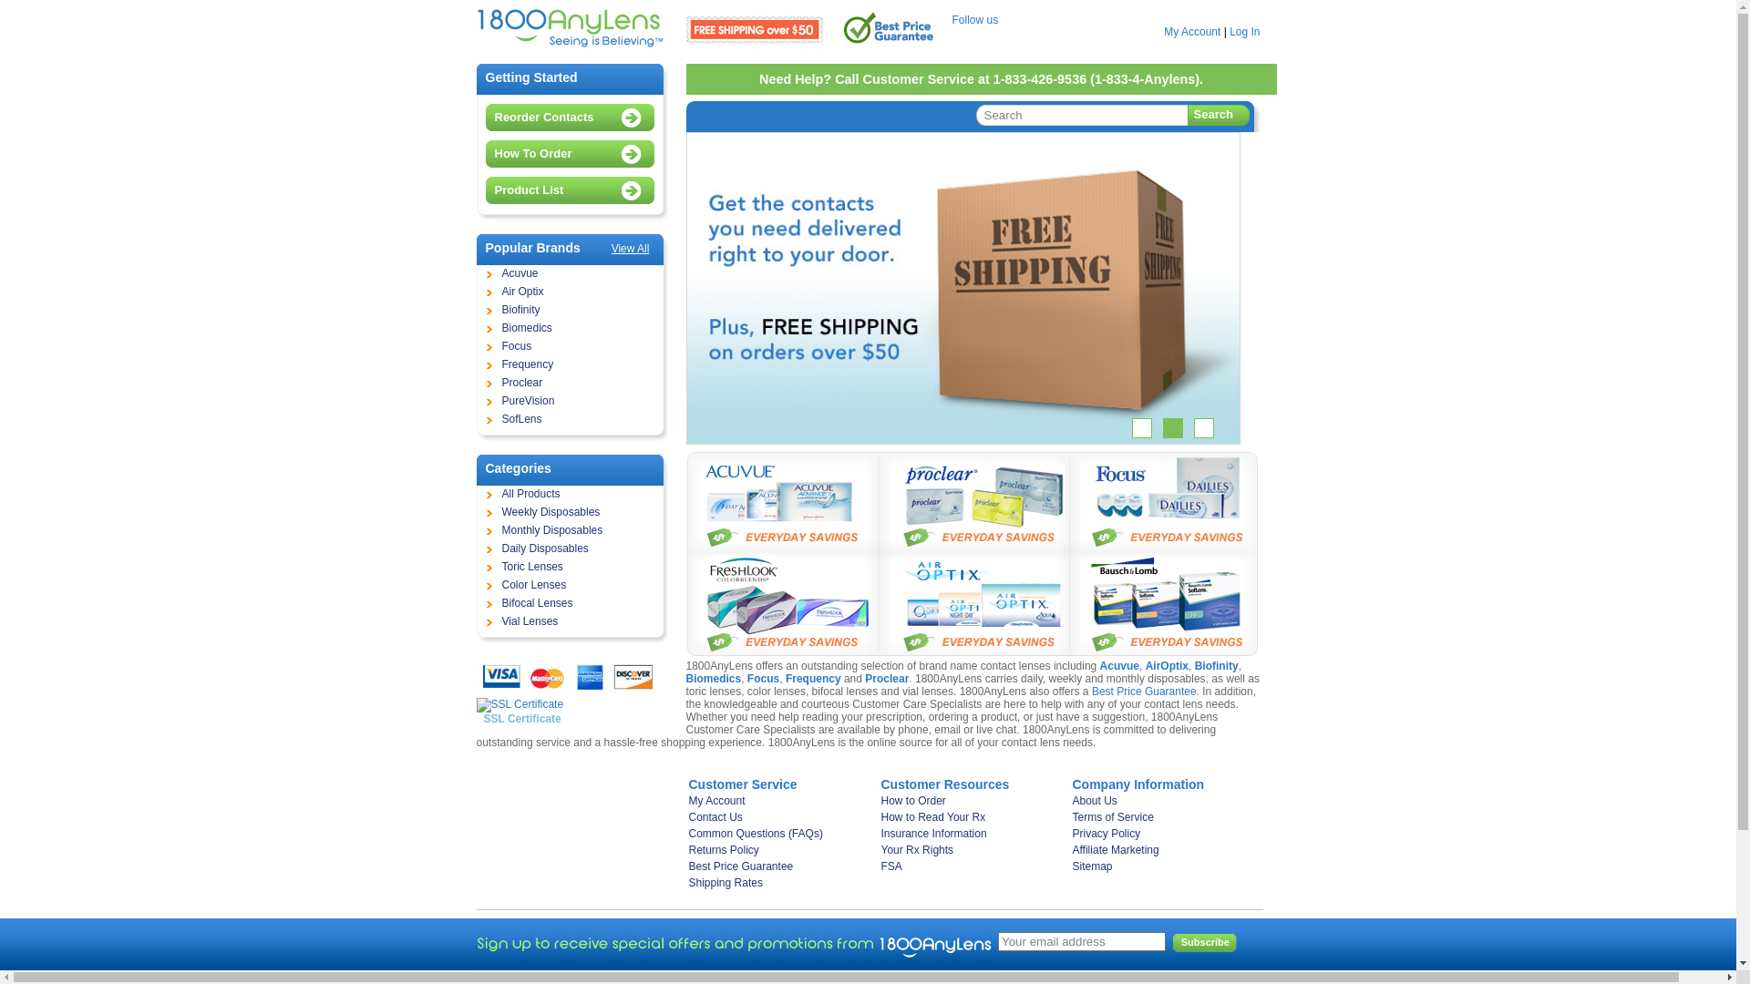  I want to click on 'About Us', so click(1159, 800).